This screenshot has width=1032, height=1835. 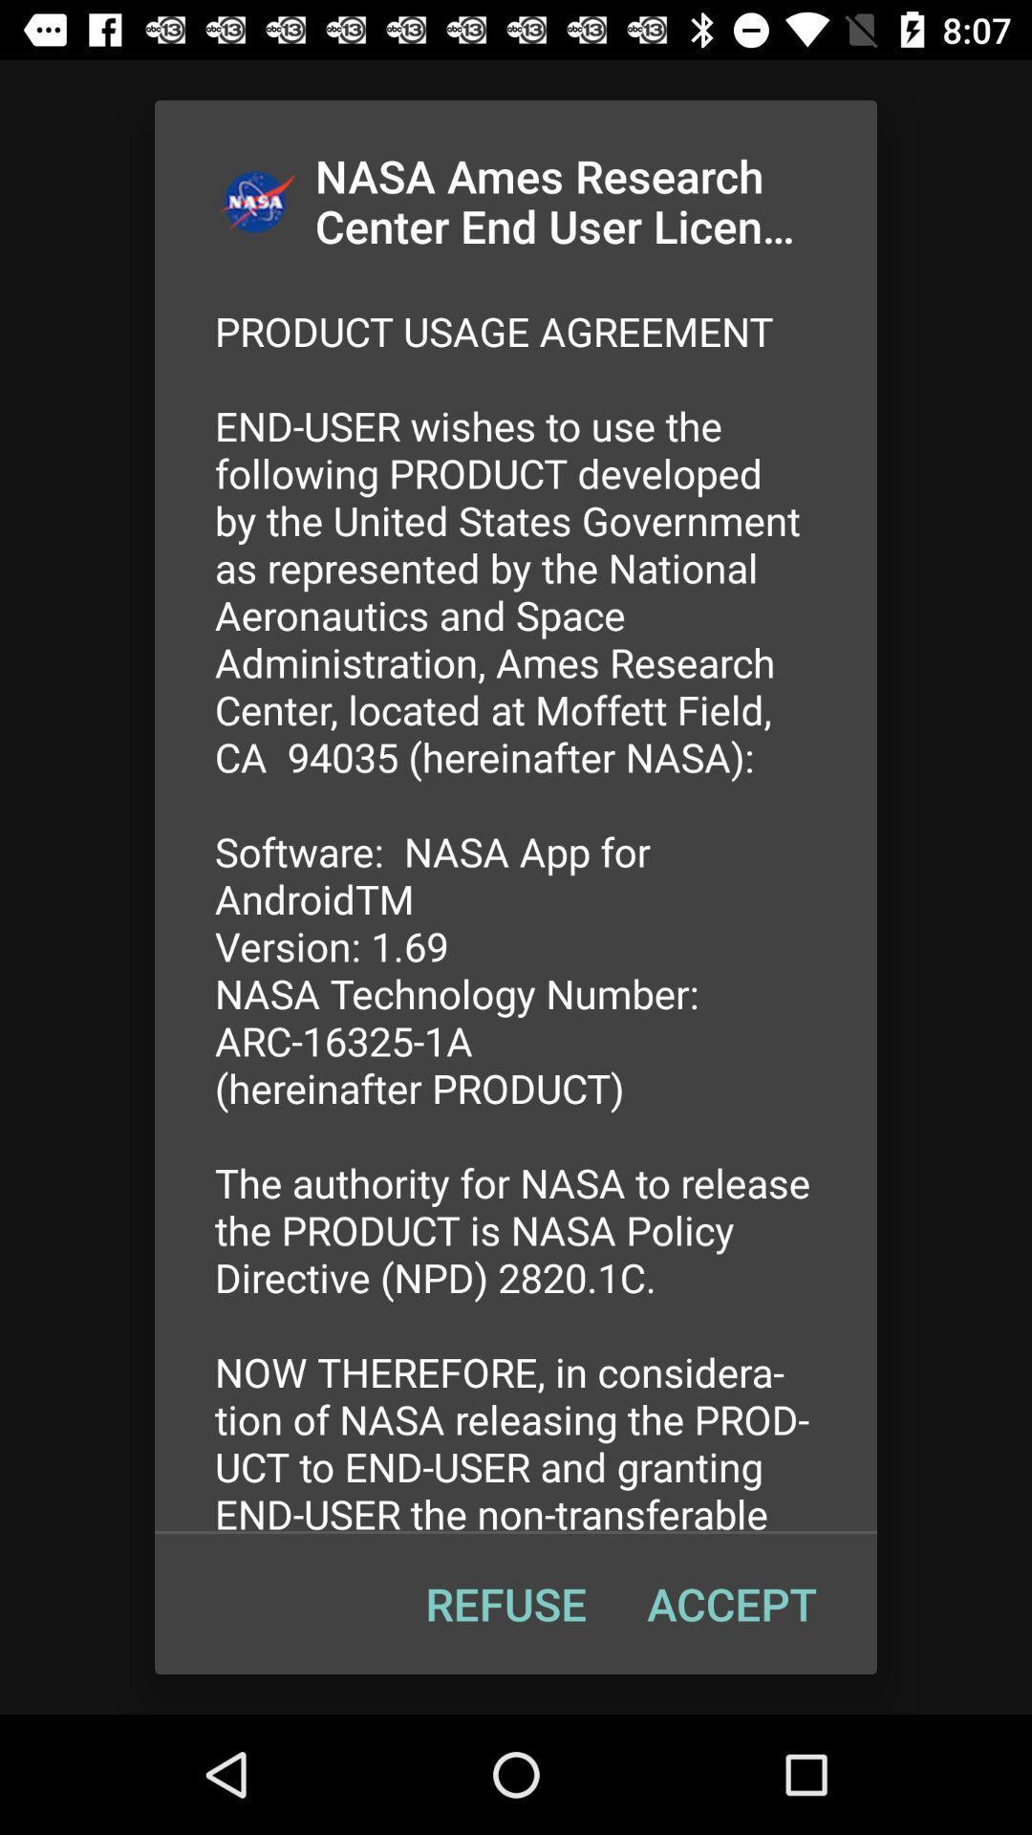 I want to click on item next to the refuse, so click(x=731, y=1604).